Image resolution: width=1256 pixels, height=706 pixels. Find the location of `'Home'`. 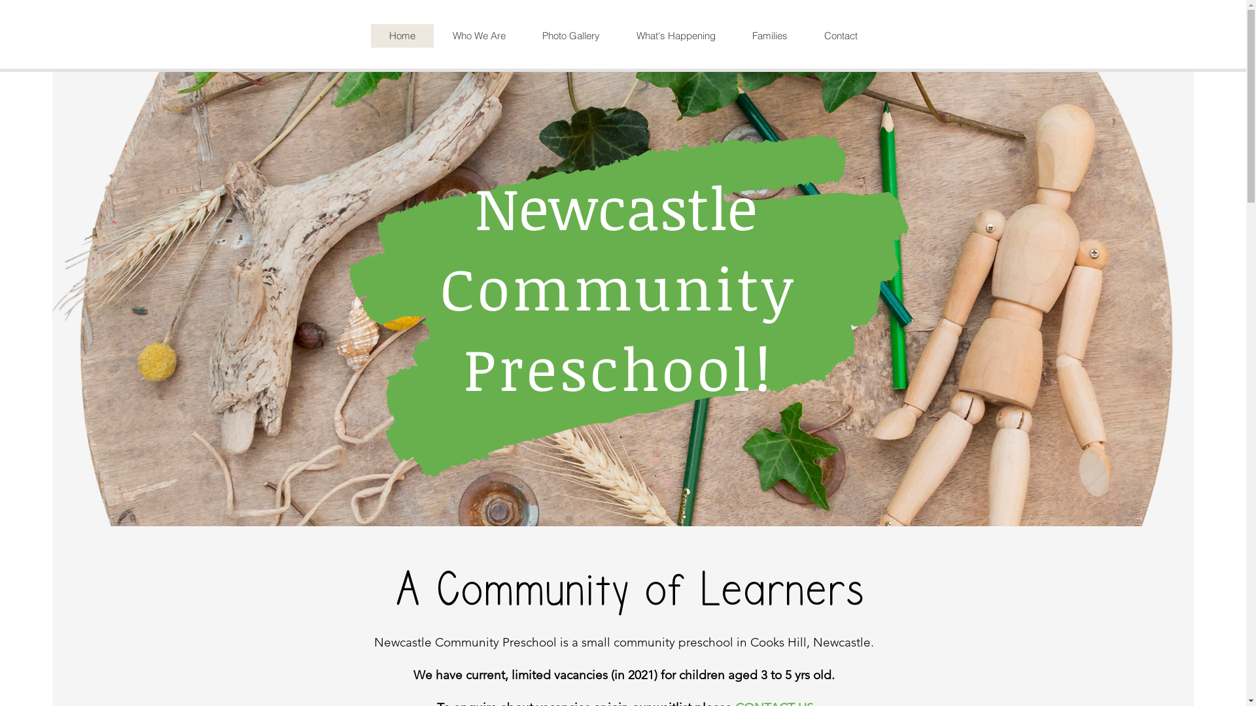

'Home' is located at coordinates (401, 35).